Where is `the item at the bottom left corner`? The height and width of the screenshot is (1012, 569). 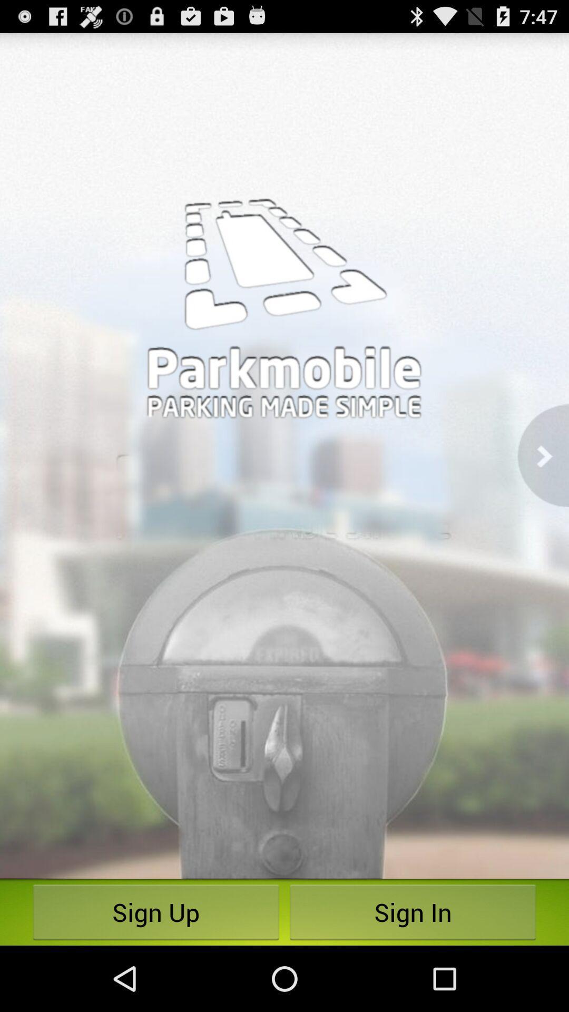
the item at the bottom left corner is located at coordinates (156, 912).